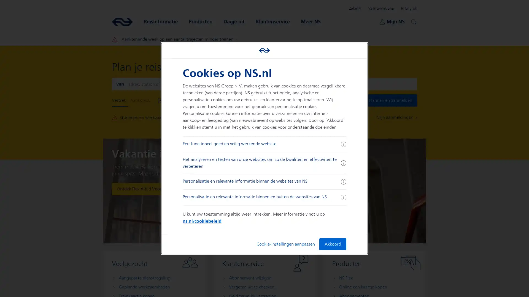 This screenshot has height=297, width=529. Describe the element at coordinates (272, 21) in the screenshot. I see `Klantenservice Open submenu` at that location.